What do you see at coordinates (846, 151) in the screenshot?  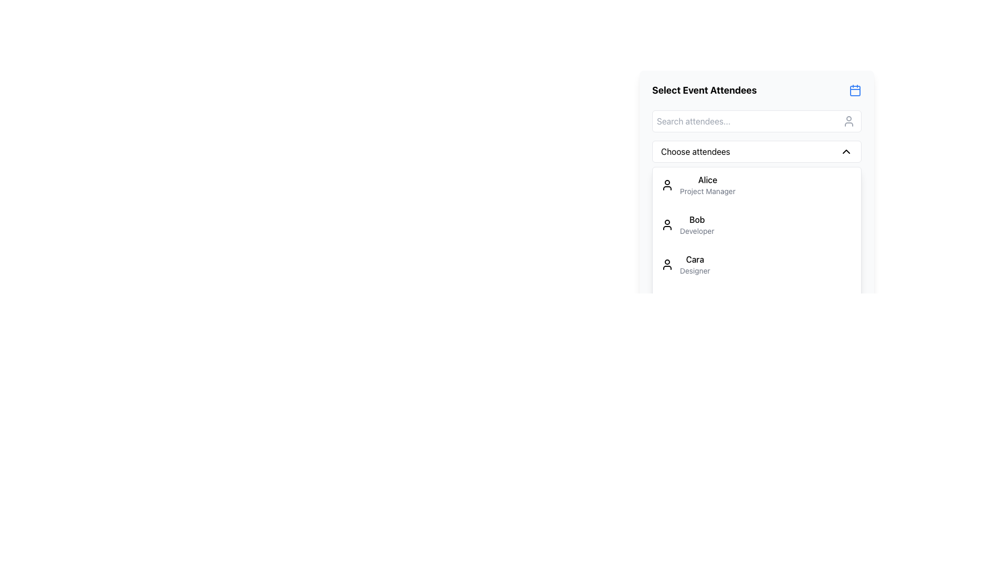 I see `the chevron-up icon located on the right side of the 'Choose attendees' dropdown button, which is vertically centered within the button` at bounding box center [846, 151].